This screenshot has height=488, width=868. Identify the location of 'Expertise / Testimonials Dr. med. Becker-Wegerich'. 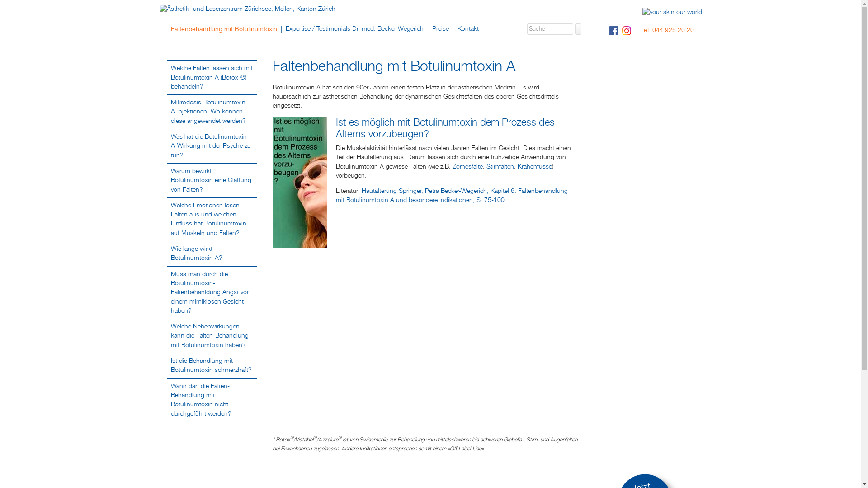
(355, 28).